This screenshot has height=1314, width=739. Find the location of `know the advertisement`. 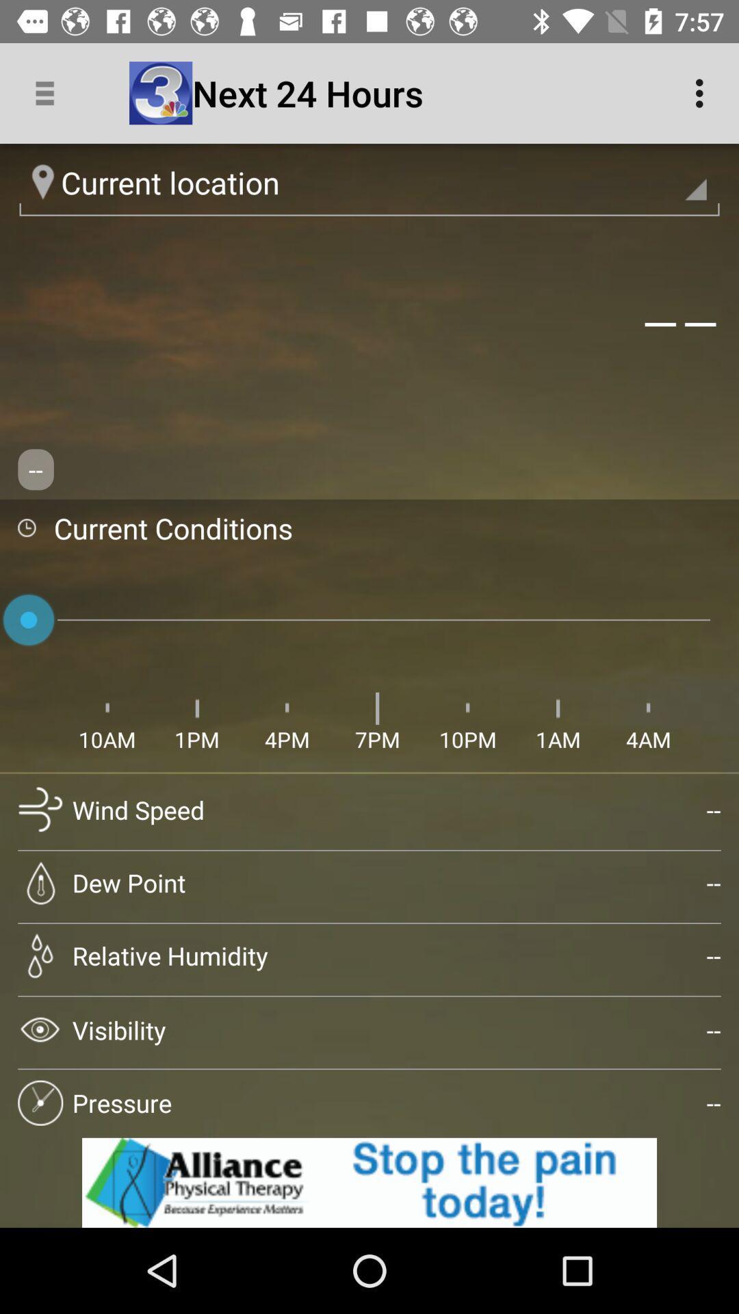

know the advertisement is located at coordinates (369, 1182).